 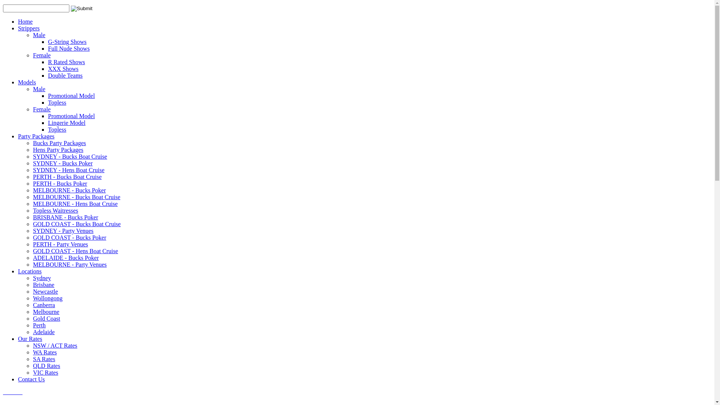 I want to click on 'VIC Rates', so click(x=45, y=372).